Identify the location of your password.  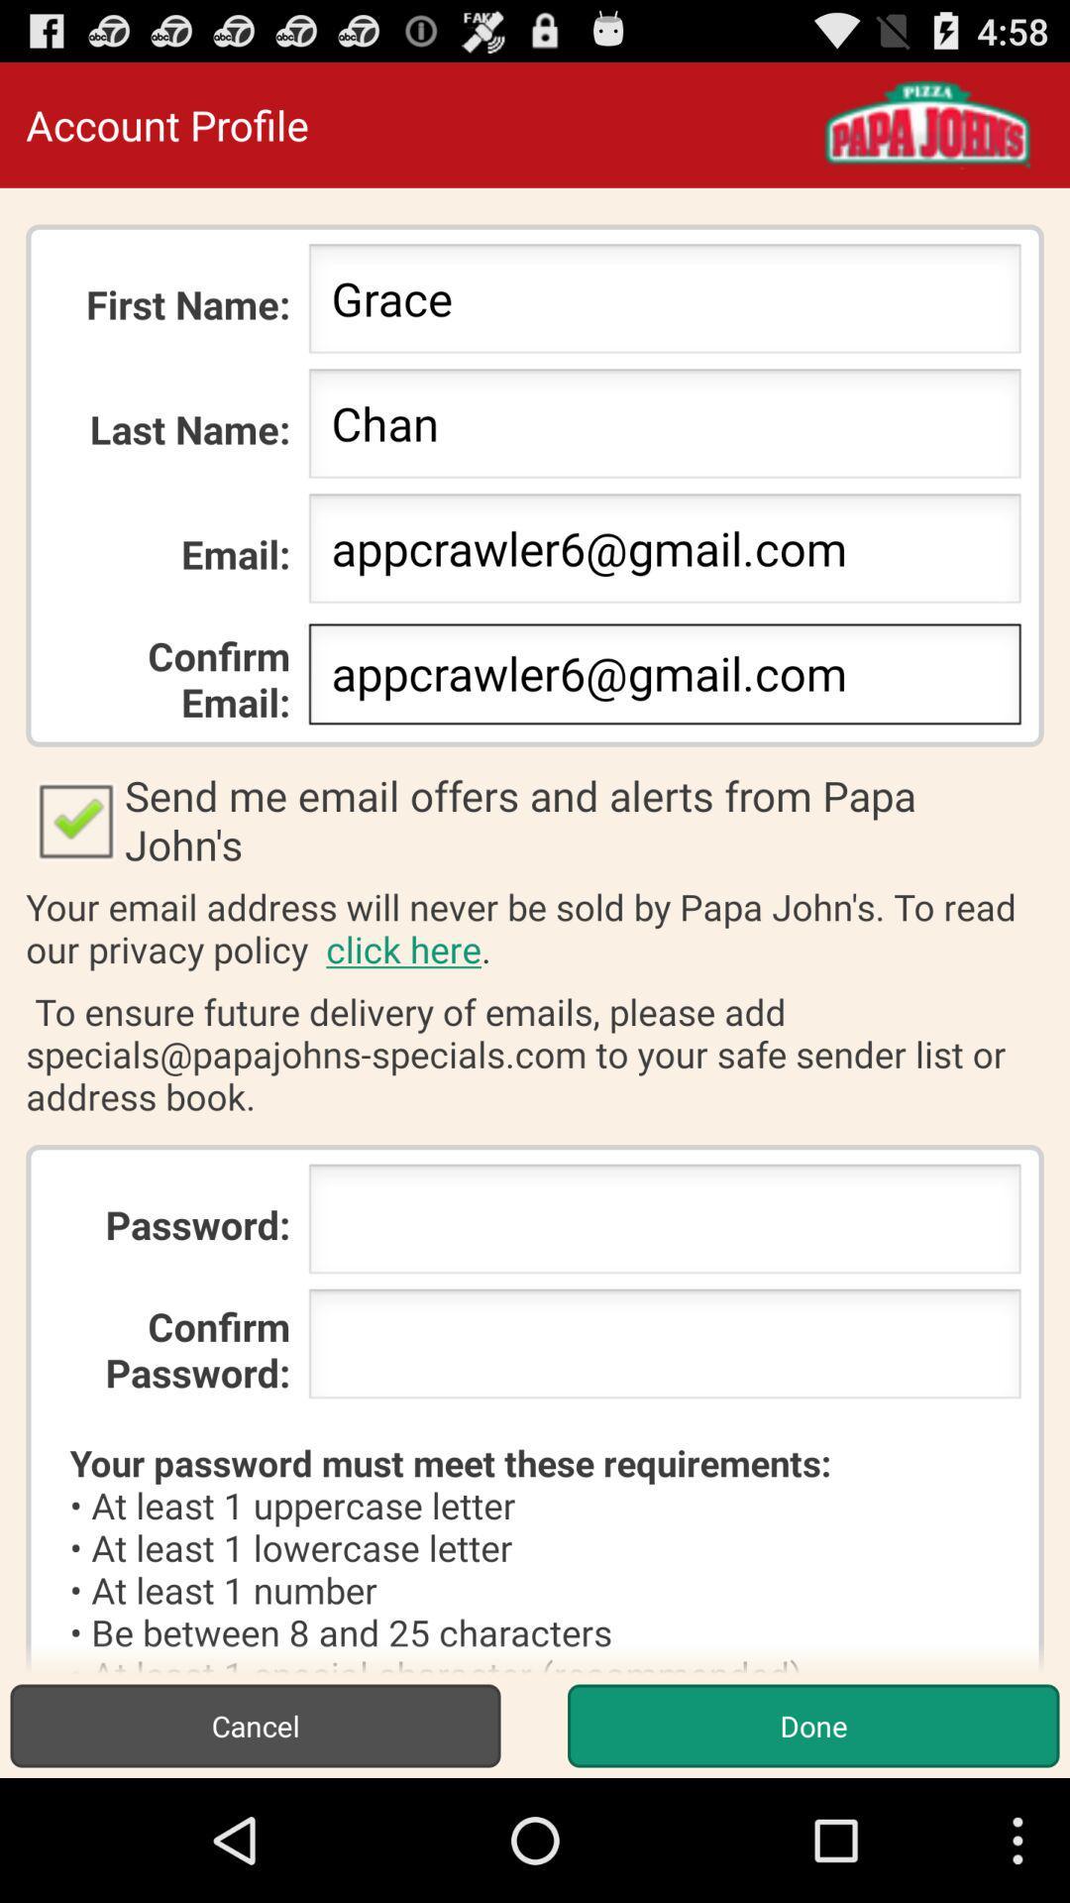
(665, 1224).